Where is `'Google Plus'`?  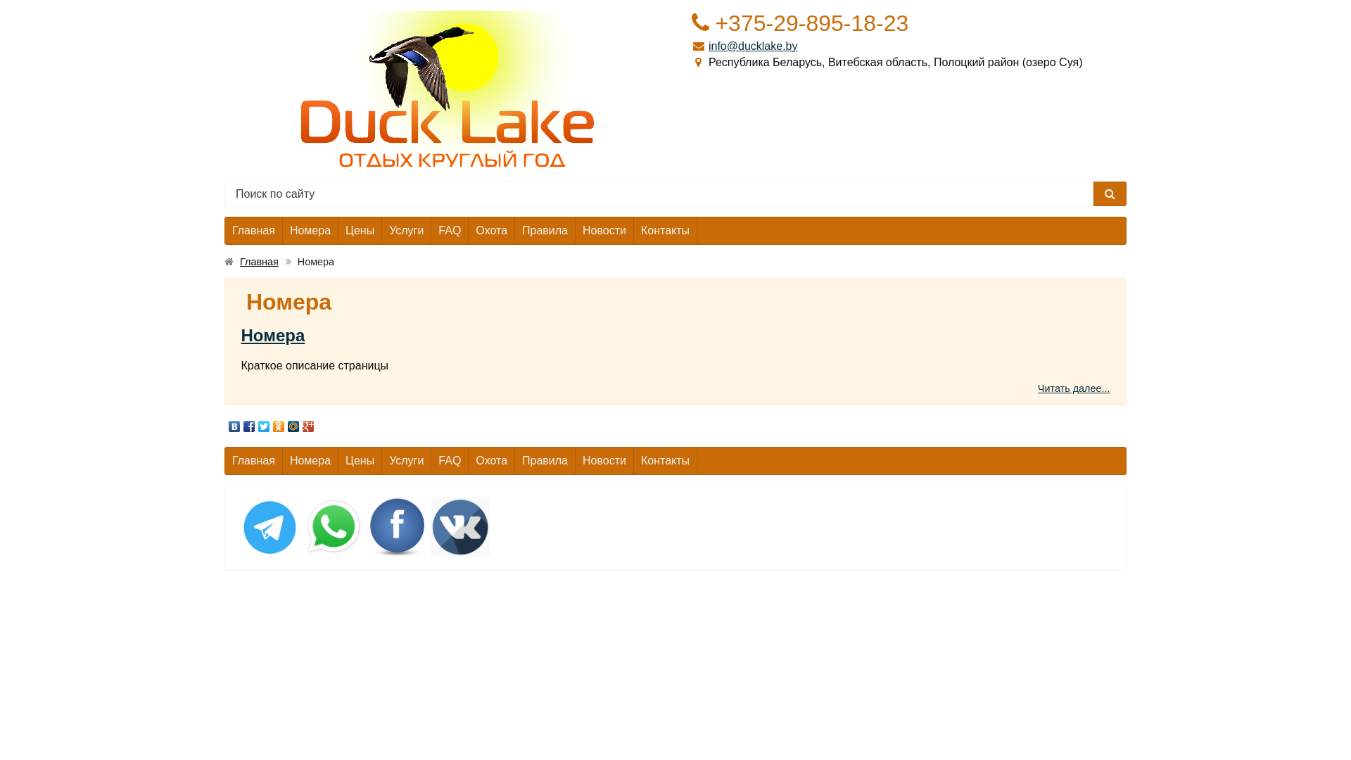
'Google Plus' is located at coordinates (307, 425).